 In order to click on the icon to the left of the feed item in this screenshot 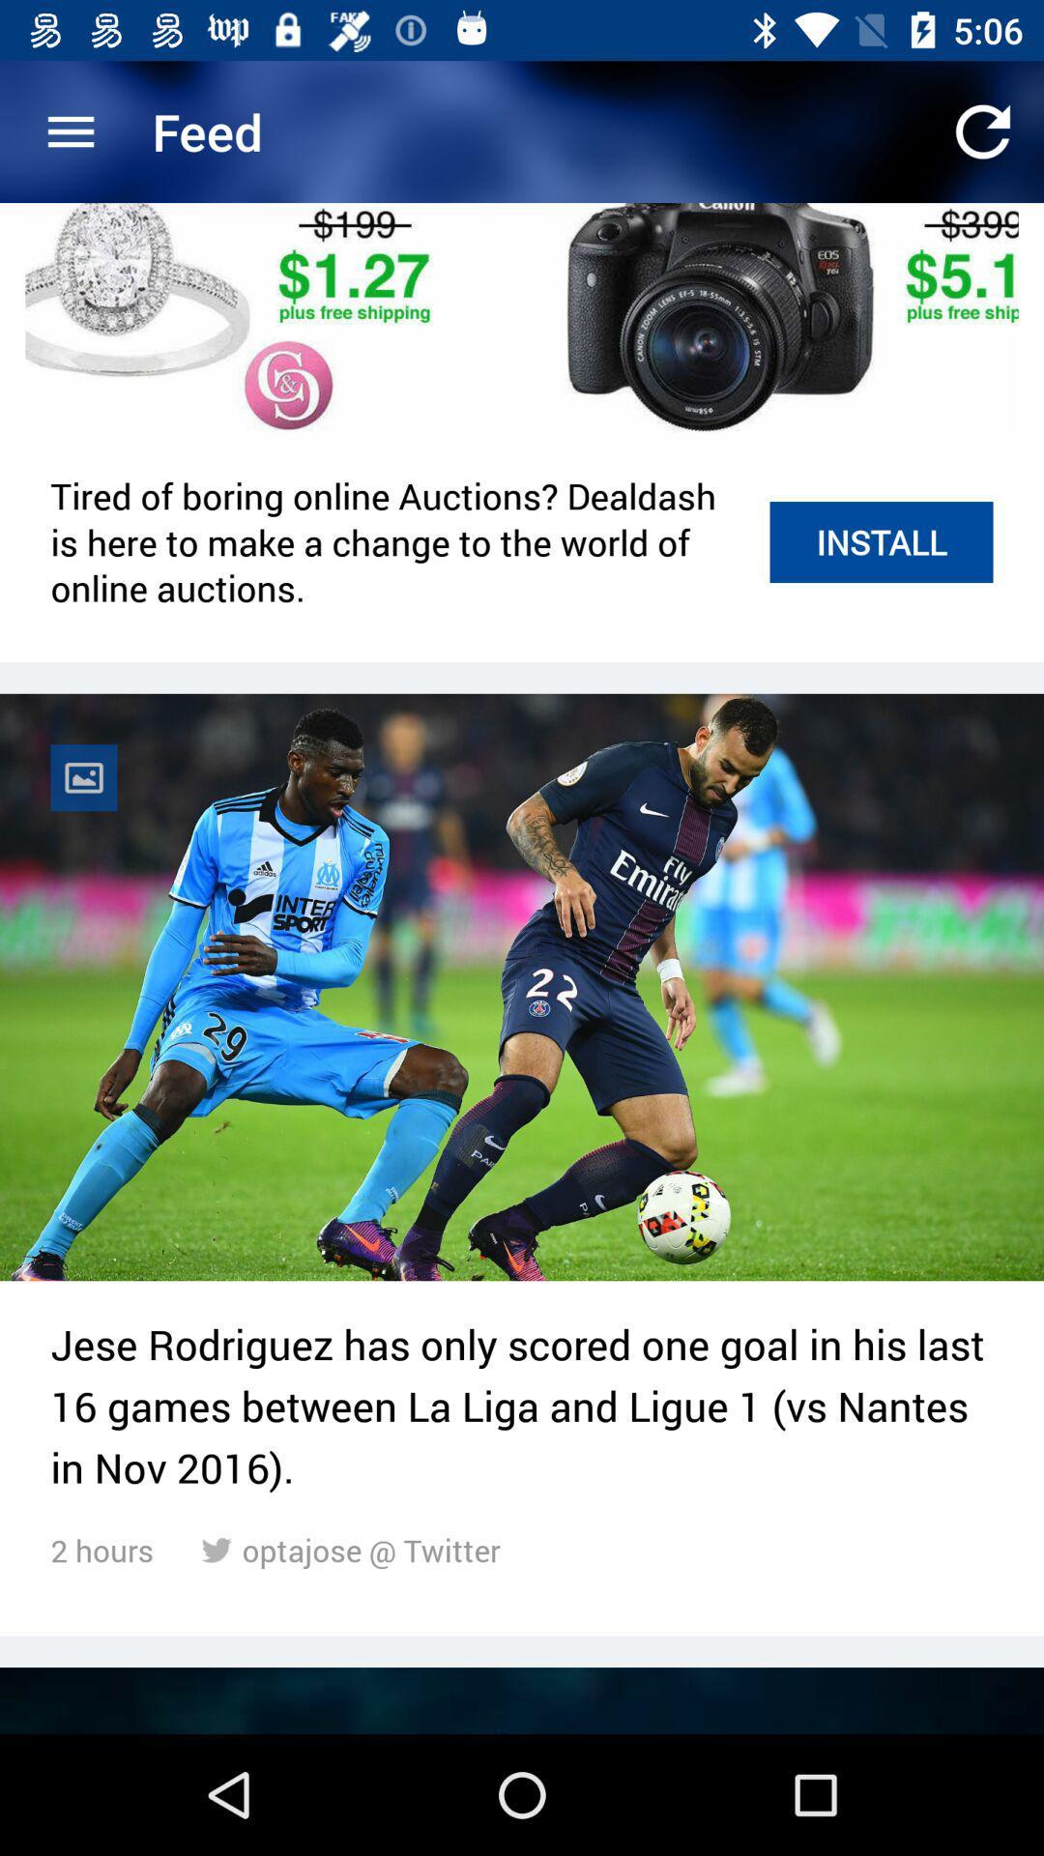, I will do `click(70, 130)`.